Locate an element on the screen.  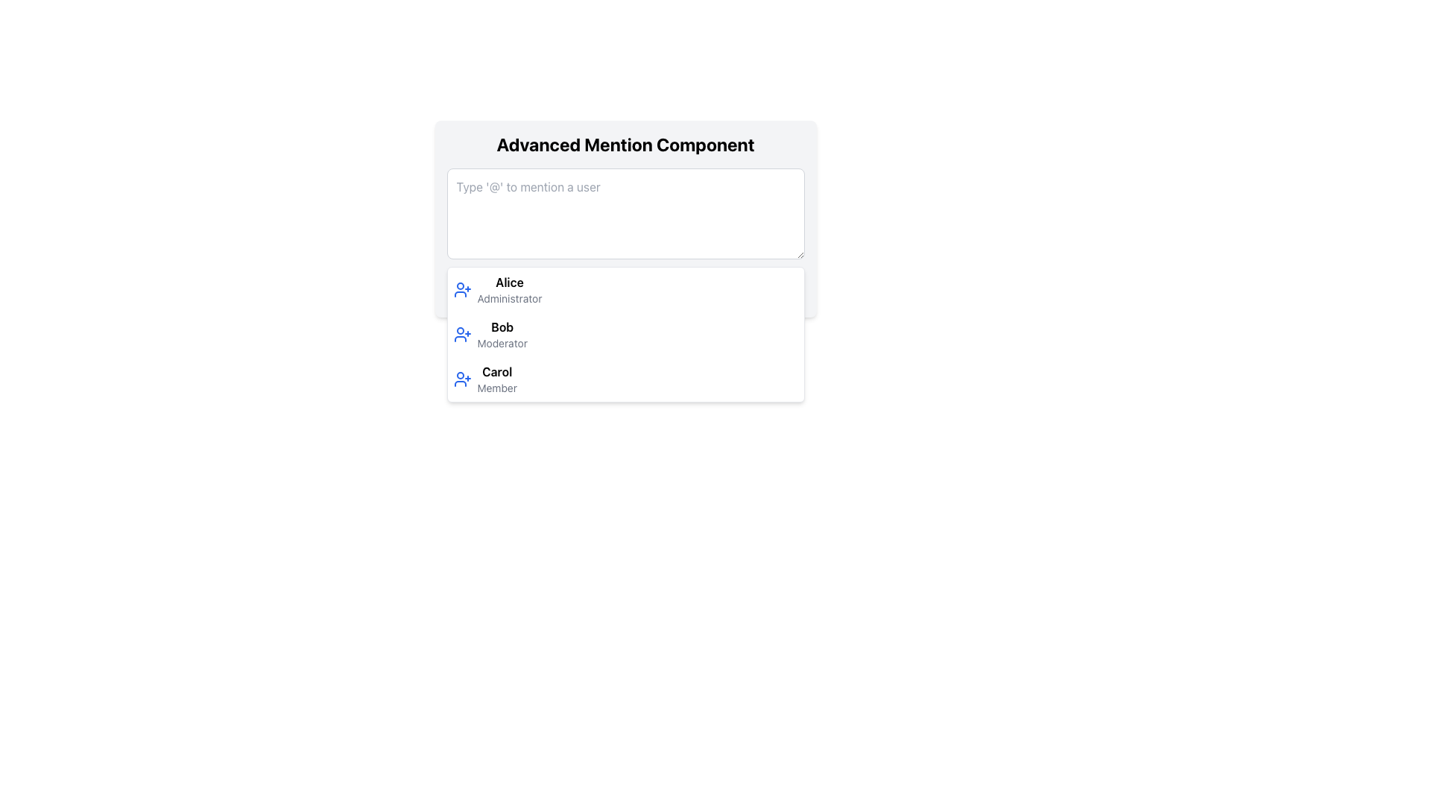
the text label displaying the role or designation associated with the user 'Alice', which is located below her name in the dropdown box is located at coordinates (509, 299).